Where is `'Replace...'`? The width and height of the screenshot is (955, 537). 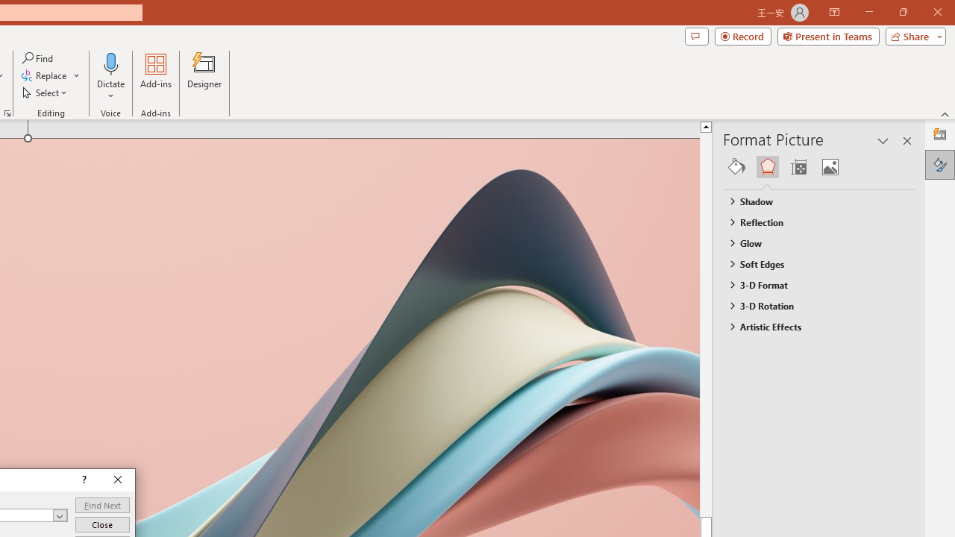 'Replace...' is located at coordinates (51, 75).